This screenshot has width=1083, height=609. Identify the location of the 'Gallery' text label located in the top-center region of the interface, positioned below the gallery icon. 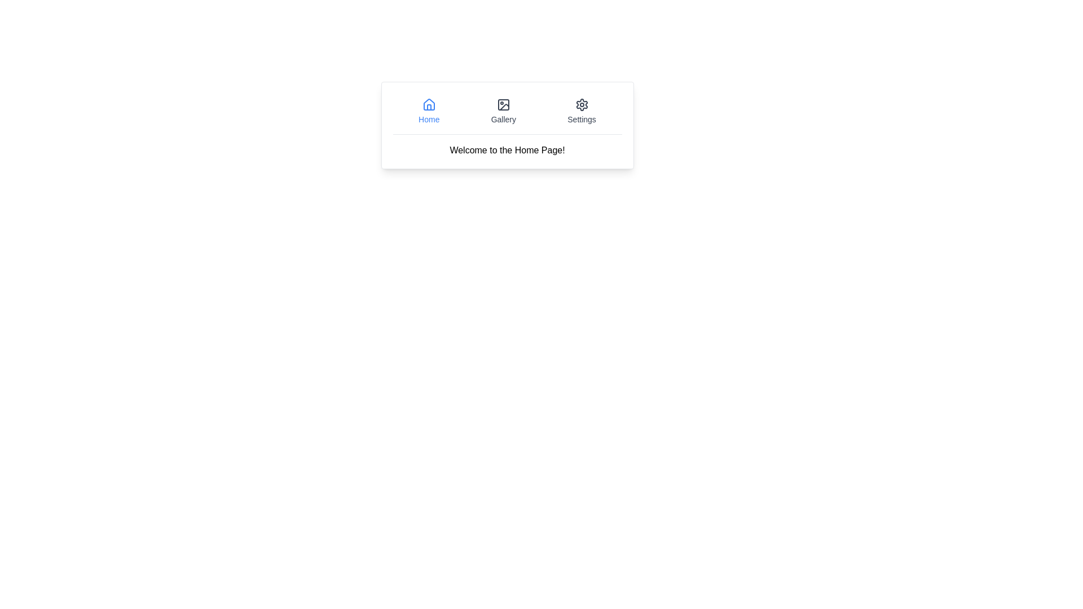
(503, 120).